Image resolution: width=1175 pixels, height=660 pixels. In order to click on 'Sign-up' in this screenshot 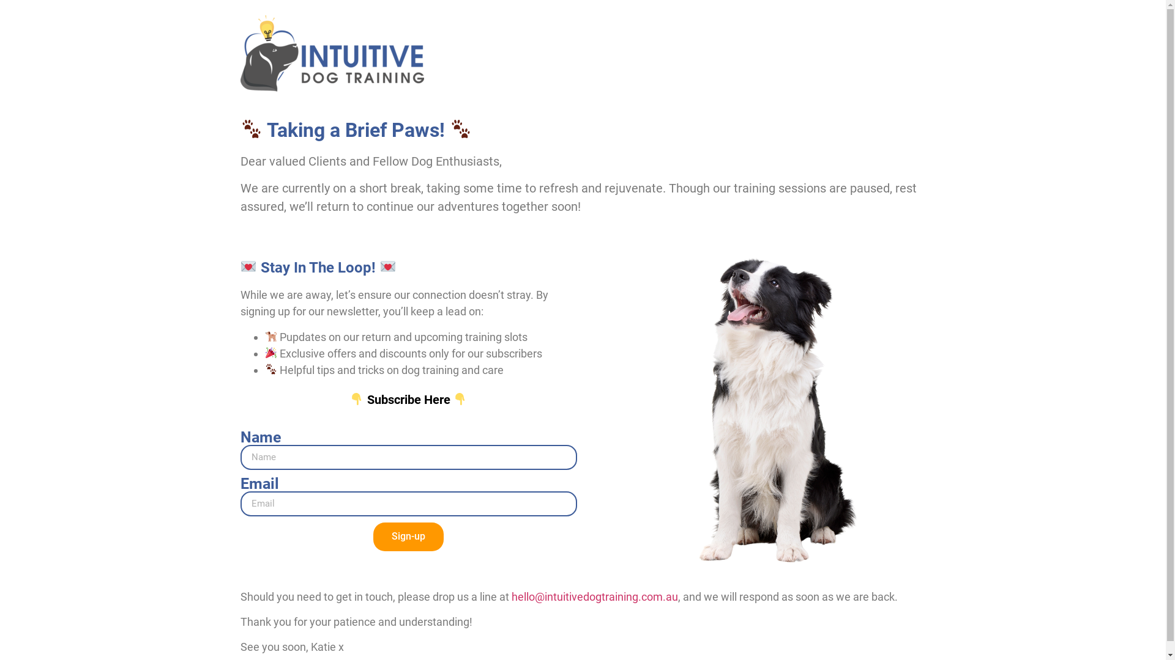, I will do `click(372, 536)`.